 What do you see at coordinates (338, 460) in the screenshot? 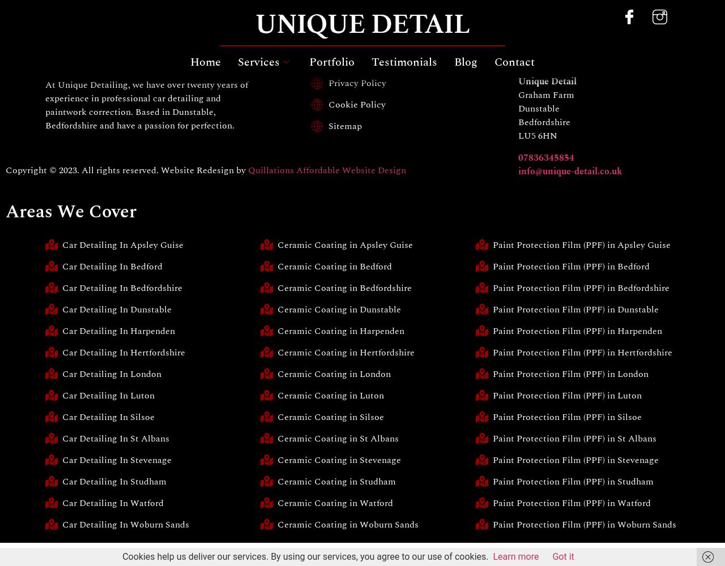
I see `'Ceramic Coating in Stevenage'` at bounding box center [338, 460].